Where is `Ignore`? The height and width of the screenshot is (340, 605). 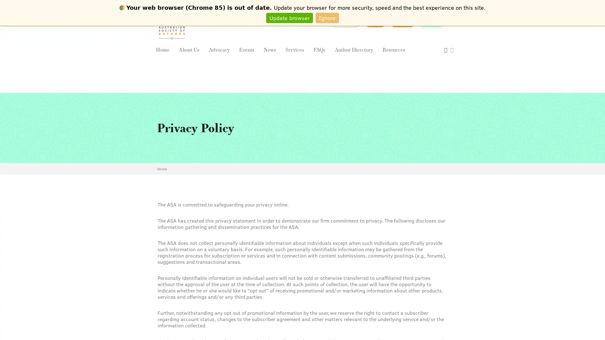
Ignore is located at coordinates (327, 17).